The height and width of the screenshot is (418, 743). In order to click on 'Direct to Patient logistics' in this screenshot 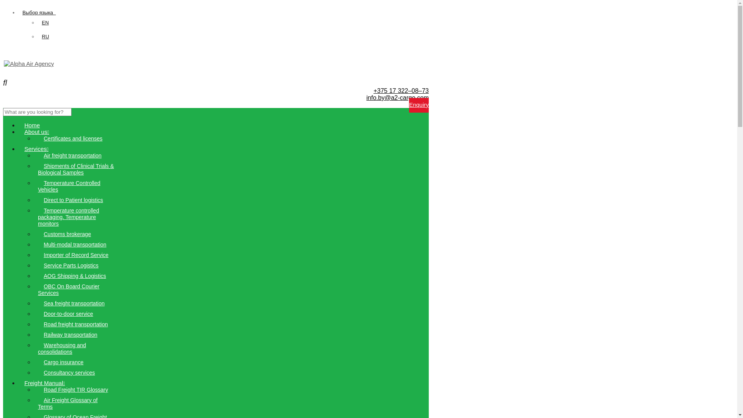, I will do `click(73, 199)`.